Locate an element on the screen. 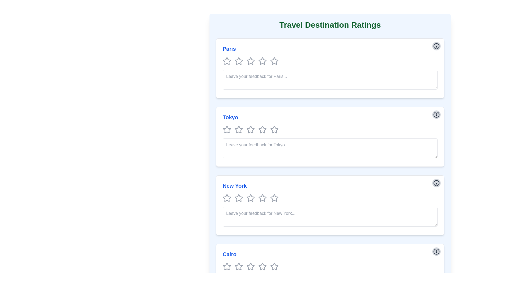 The height and width of the screenshot is (290, 517). the star icons in the Rating component for 'Cairo' is located at coordinates (330, 266).